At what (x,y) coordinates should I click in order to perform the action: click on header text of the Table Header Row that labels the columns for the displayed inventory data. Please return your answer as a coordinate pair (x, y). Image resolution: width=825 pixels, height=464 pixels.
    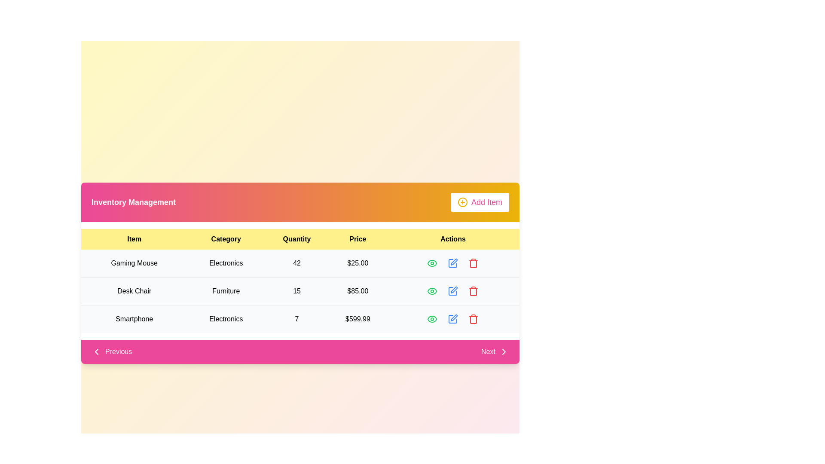
    Looking at the image, I should click on (300, 239).